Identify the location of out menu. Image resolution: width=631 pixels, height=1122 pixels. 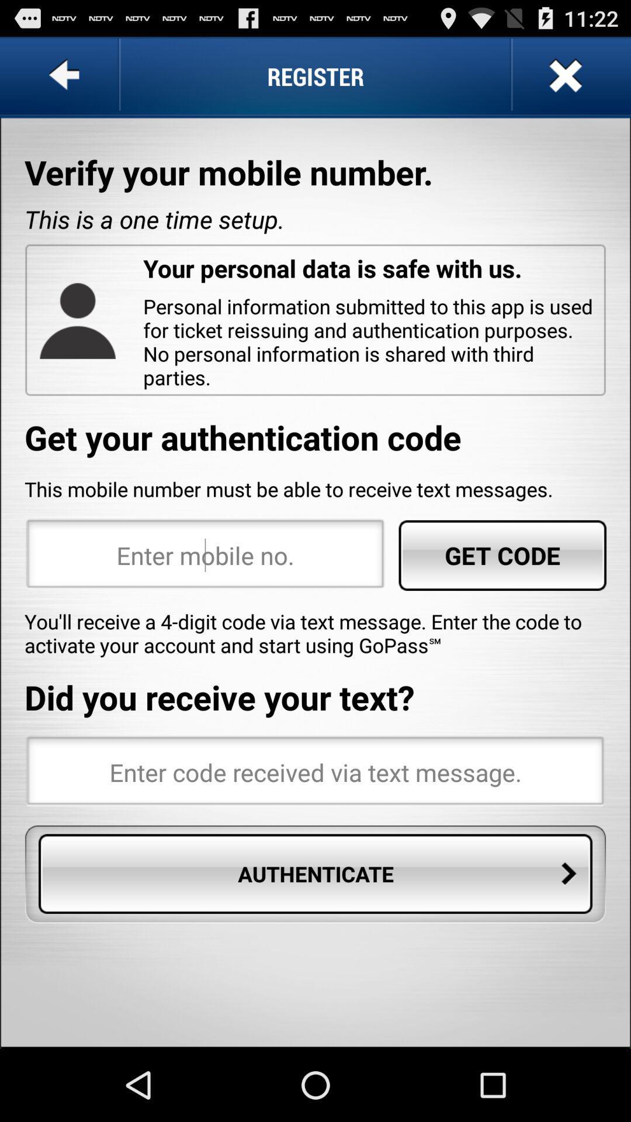
(563, 75).